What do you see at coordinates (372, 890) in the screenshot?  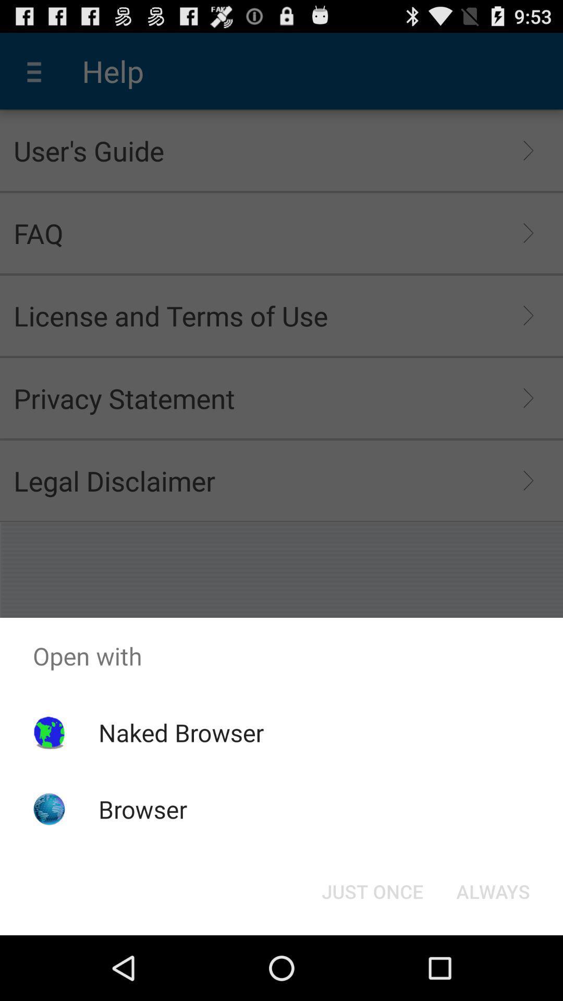 I see `the just once button` at bounding box center [372, 890].